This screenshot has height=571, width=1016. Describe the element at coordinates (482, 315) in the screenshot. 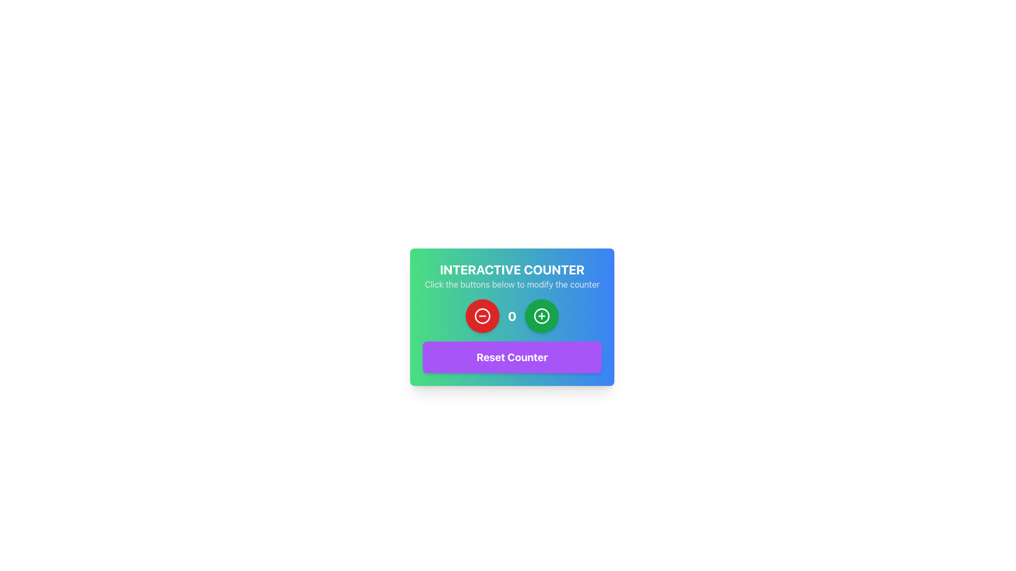

I see `the leftmost circular button used for decrementing the counter value to trigger hover effects` at that location.